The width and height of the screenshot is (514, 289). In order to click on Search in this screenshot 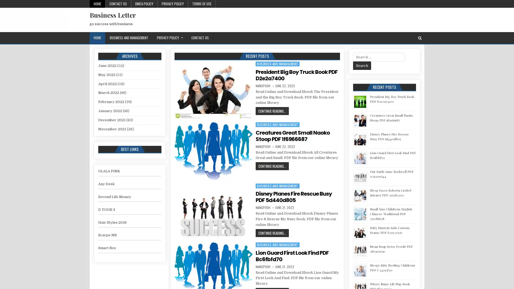, I will do `click(362, 65)`.